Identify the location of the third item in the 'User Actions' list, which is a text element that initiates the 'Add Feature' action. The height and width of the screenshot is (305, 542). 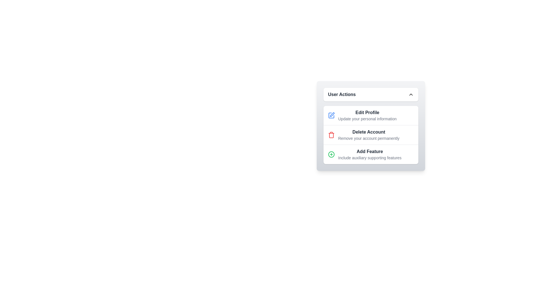
(370, 154).